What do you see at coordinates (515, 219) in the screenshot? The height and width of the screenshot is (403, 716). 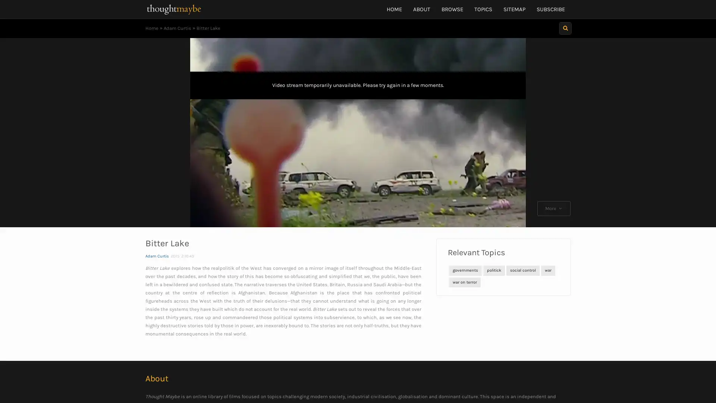 I see `Fullscreen` at bounding box center [515, 219].